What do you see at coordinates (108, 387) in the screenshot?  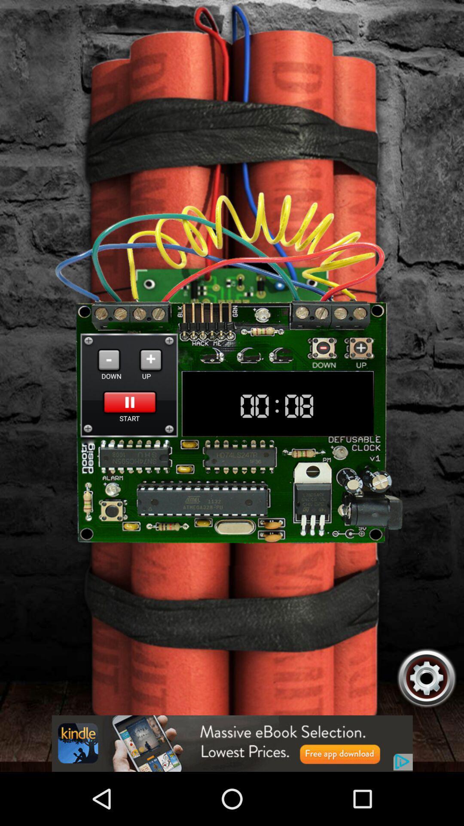 I see `the minus icon` at bounding box center [108, 387].